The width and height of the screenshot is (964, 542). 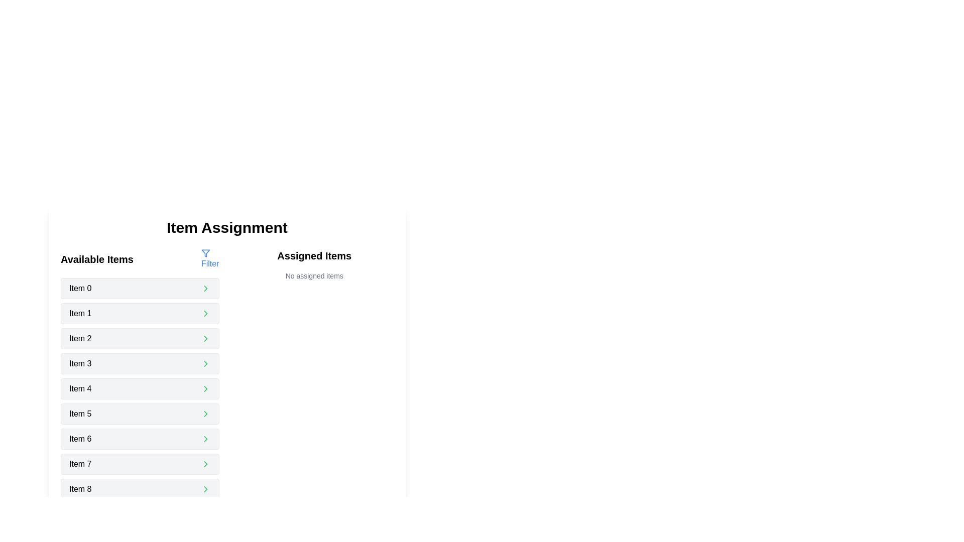 What do you see at coordinates (139, 464) in the screenshot?
I see `the eighth list item labeled 'Item 7'` at bounding box center [139, 464].